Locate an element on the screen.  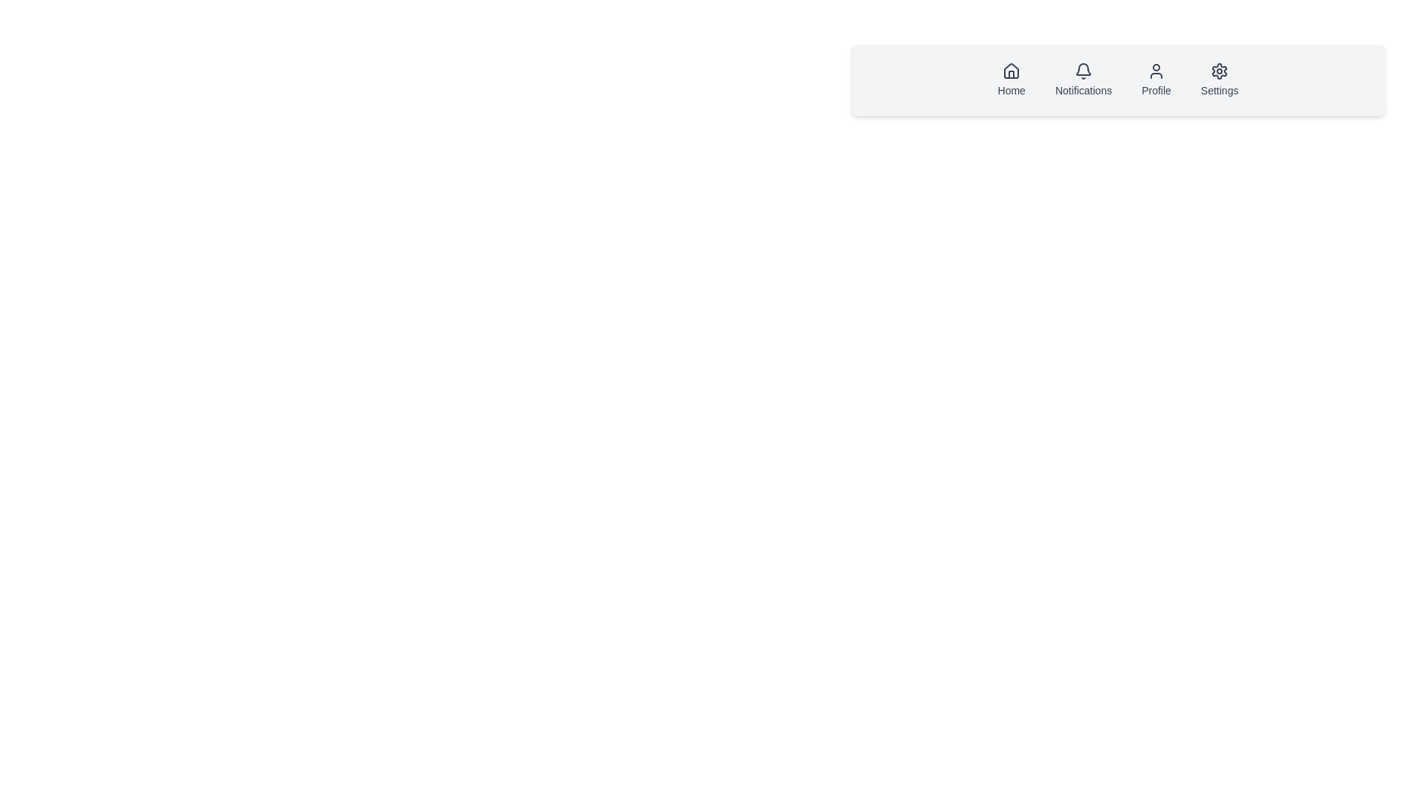
the section associated with the 'Profile' label located below the user icon in the fourth navigation item of the horizontal navigation bar at the top-center of the page is located at coordinates (1155, 91).